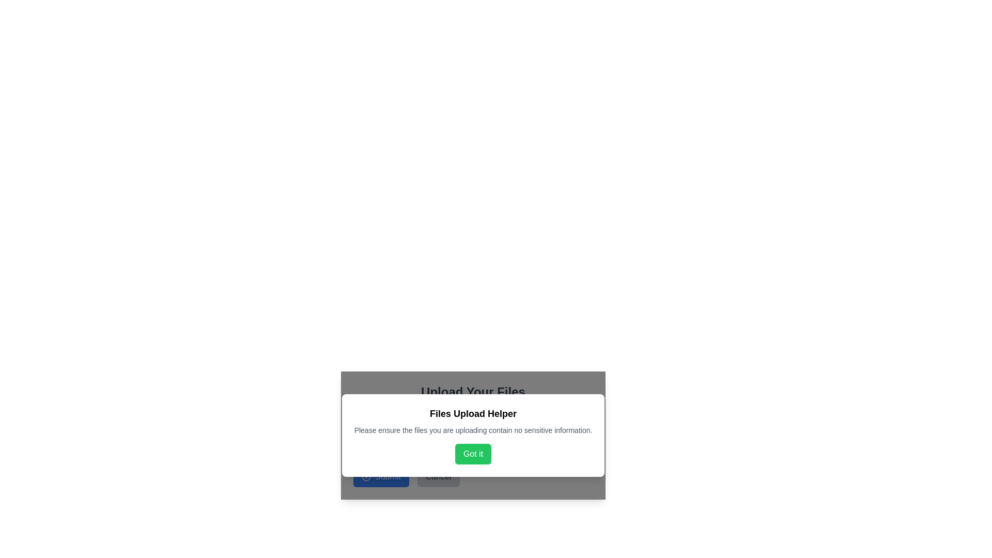 The width and height of the screenshot is (992, 558). Describe the element at coordinates (473, 443) in the screenshot. I see `message from the static text element that says 'Drag & drop files here or click to select', which is located within a dashed light gray bordered area at the bottom of the file upload interaction zone` at that location.